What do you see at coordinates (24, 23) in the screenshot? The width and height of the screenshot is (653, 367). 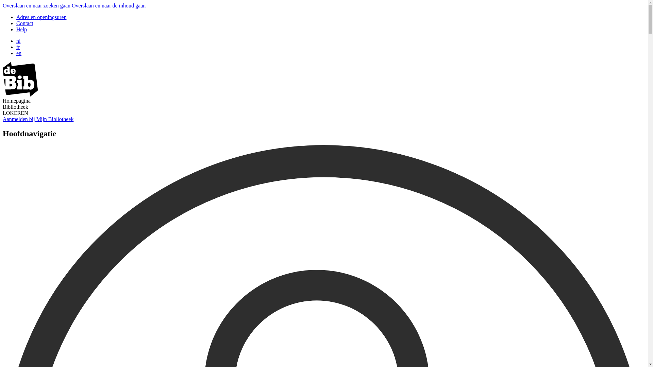 I see `'Contact'` at bounding box center [24, 23].